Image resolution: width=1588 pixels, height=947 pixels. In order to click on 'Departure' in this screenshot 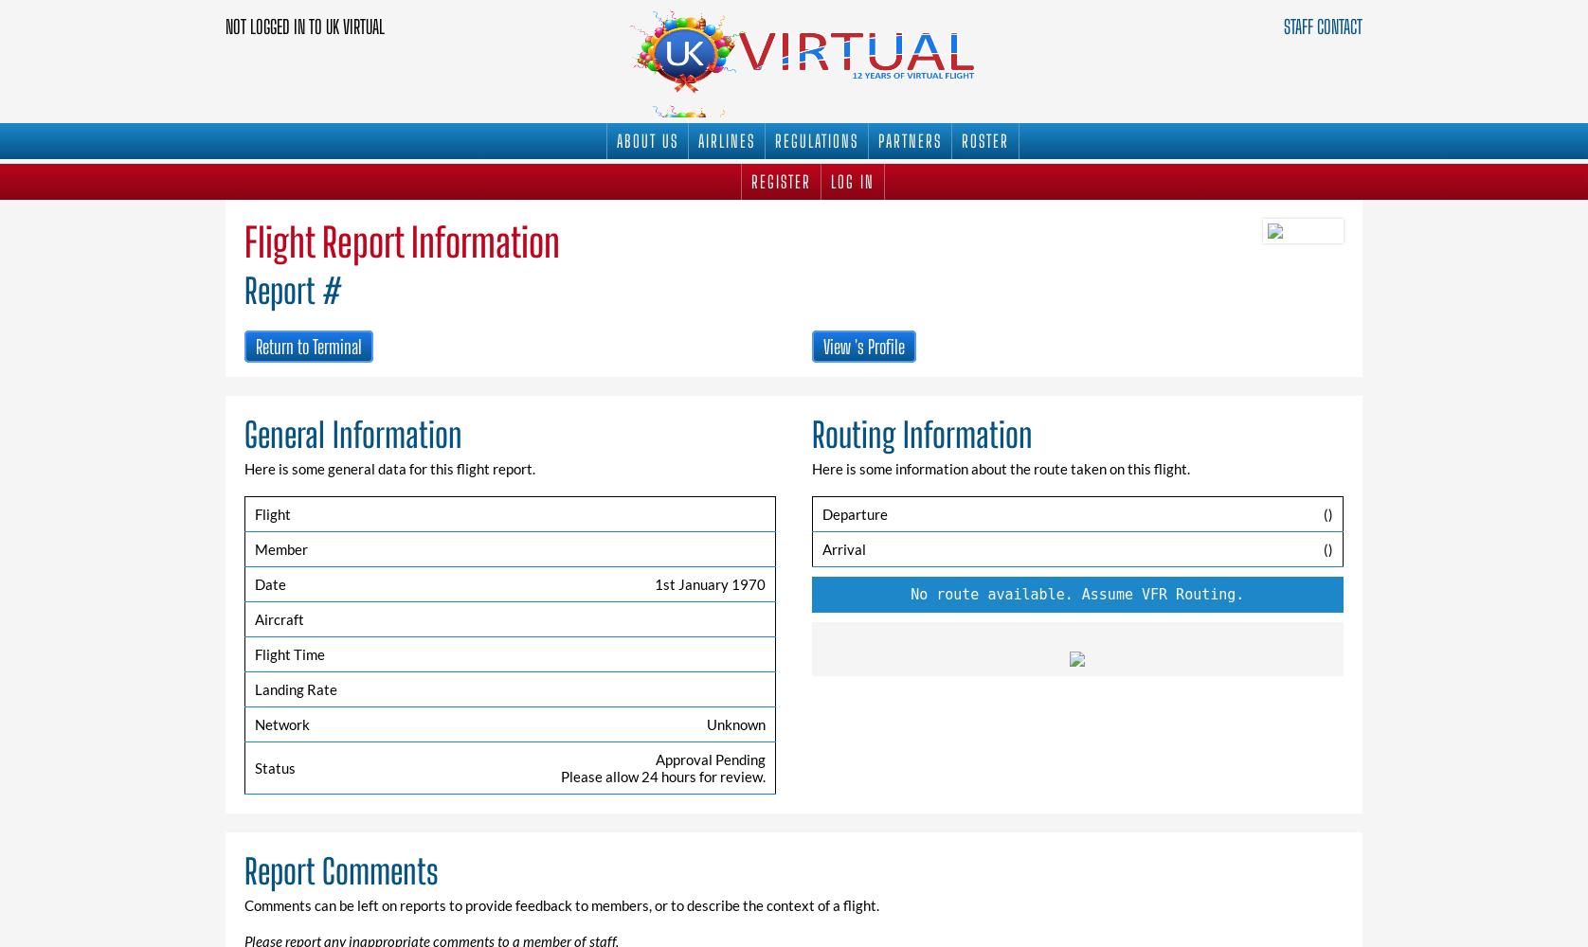, I will do `click(821, 514)`.